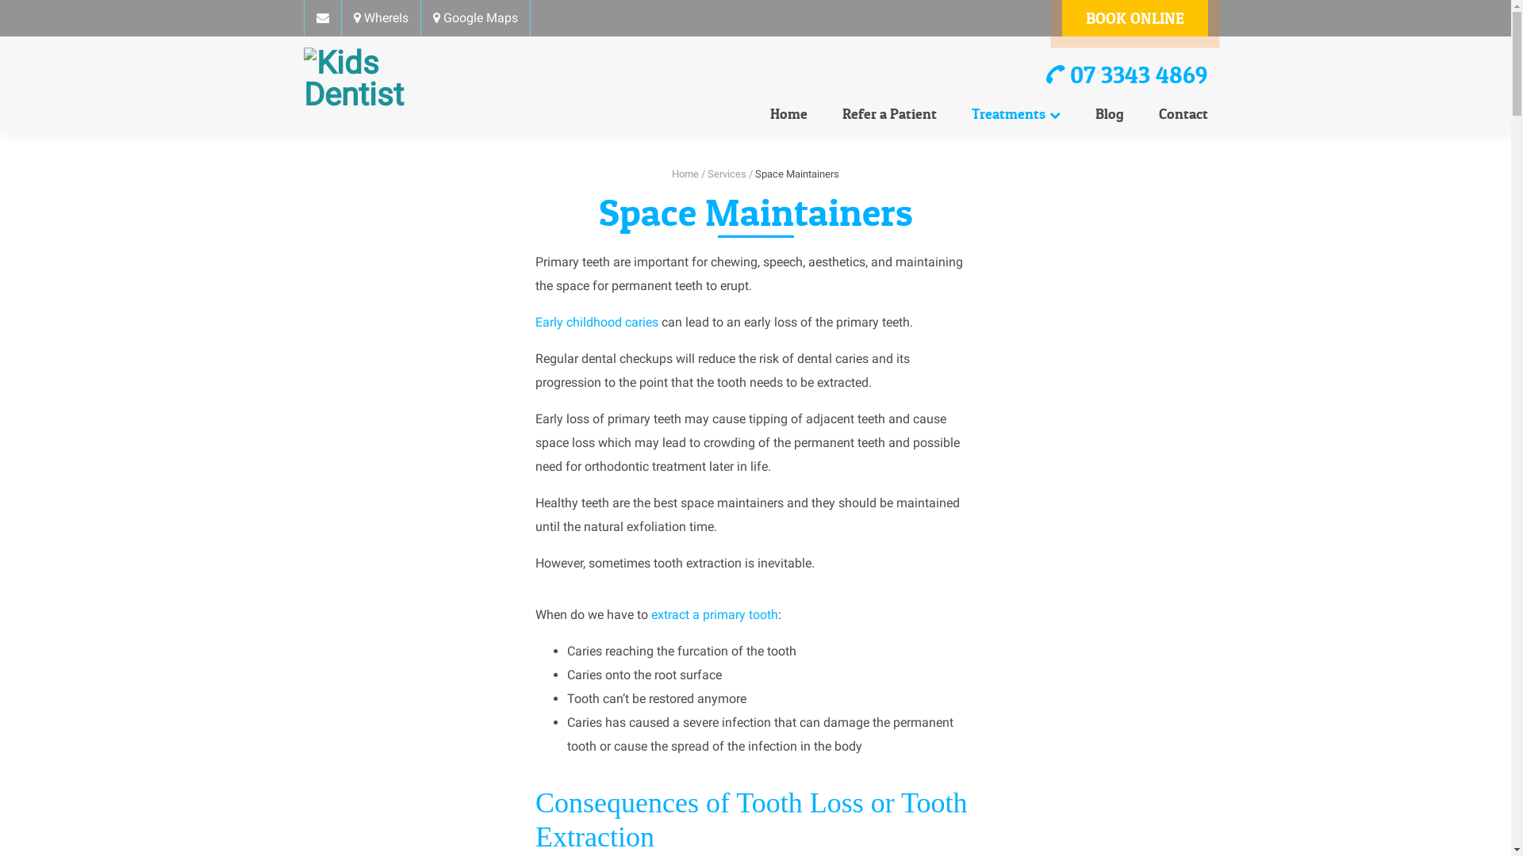  I want to click on '07 3343 4869', so click(1126, 75).